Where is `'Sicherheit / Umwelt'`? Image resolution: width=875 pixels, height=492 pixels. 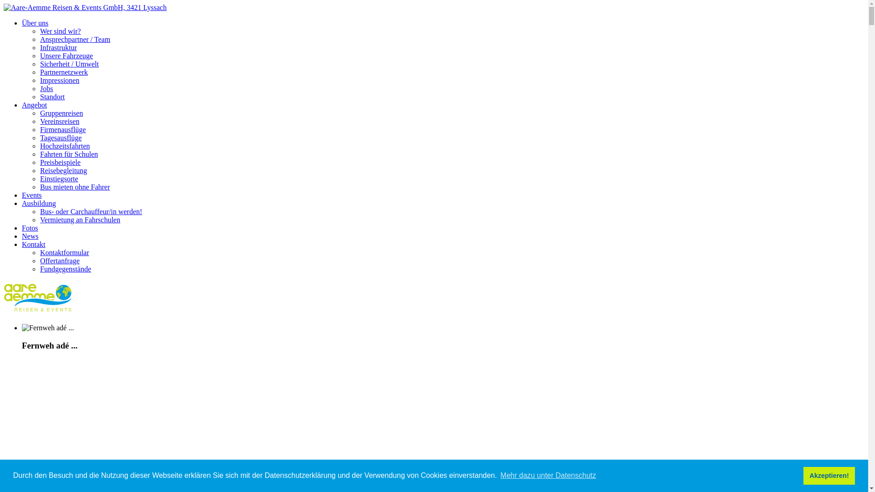
'Sicherheit / Umwelt' is located at coordinates (69, 63).